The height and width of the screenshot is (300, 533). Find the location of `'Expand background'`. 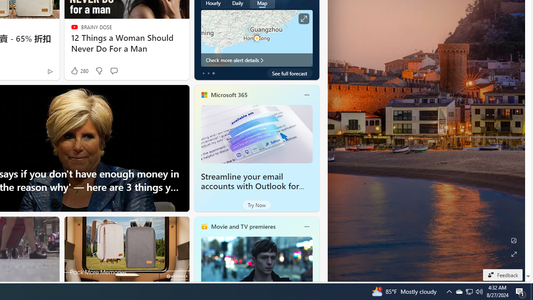

'Expand background' is located at coordinates (513, 254).